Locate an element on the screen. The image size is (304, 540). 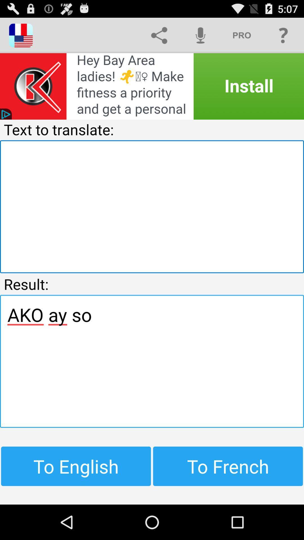
text to translate is located at coordinates (152, 206).